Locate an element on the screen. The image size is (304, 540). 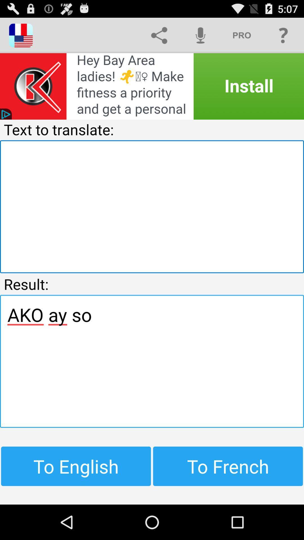
text to translate is located at coordinates (152, 206).